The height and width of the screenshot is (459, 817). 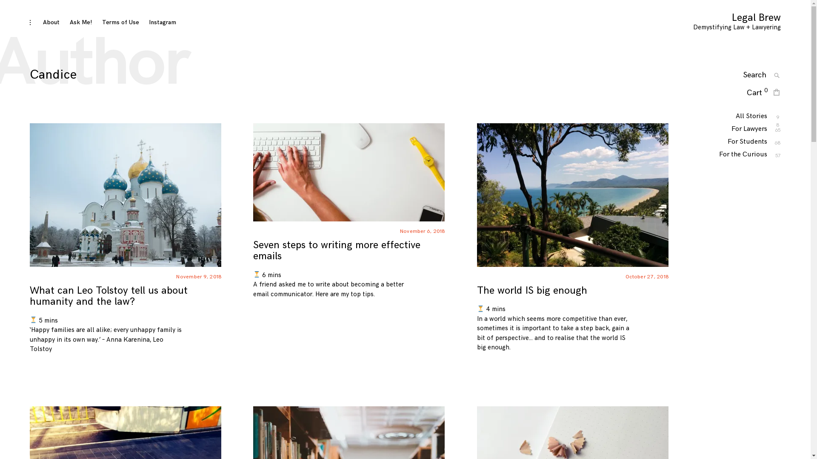 What do you see at coordinates (30, 23) in the screenshot?
I see `'toggle open/close sidebar'` at bounding box center [30, 23].